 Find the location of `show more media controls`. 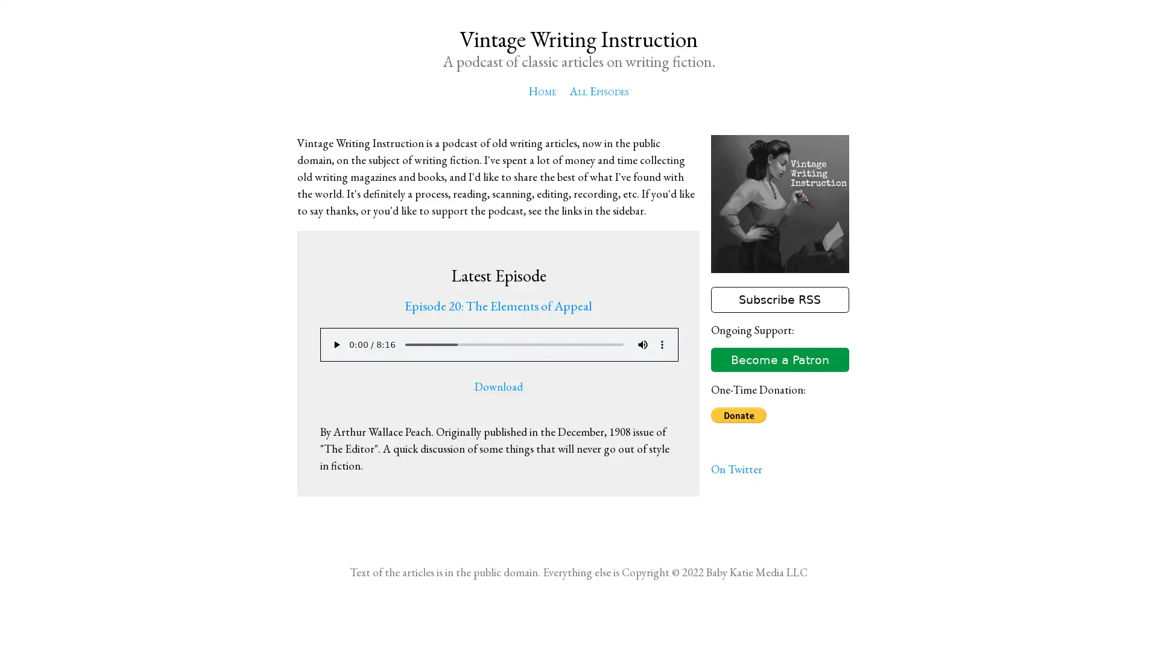

show more media controls is located at coordinates (661, 344).